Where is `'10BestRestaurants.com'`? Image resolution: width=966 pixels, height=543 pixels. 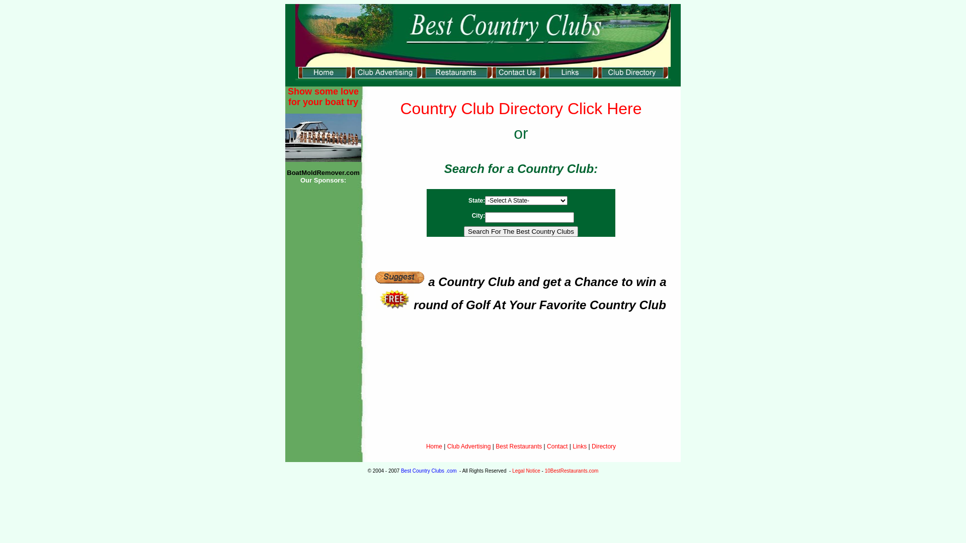 '10BestRestaurants.com' is located at coordinates (572, 471).